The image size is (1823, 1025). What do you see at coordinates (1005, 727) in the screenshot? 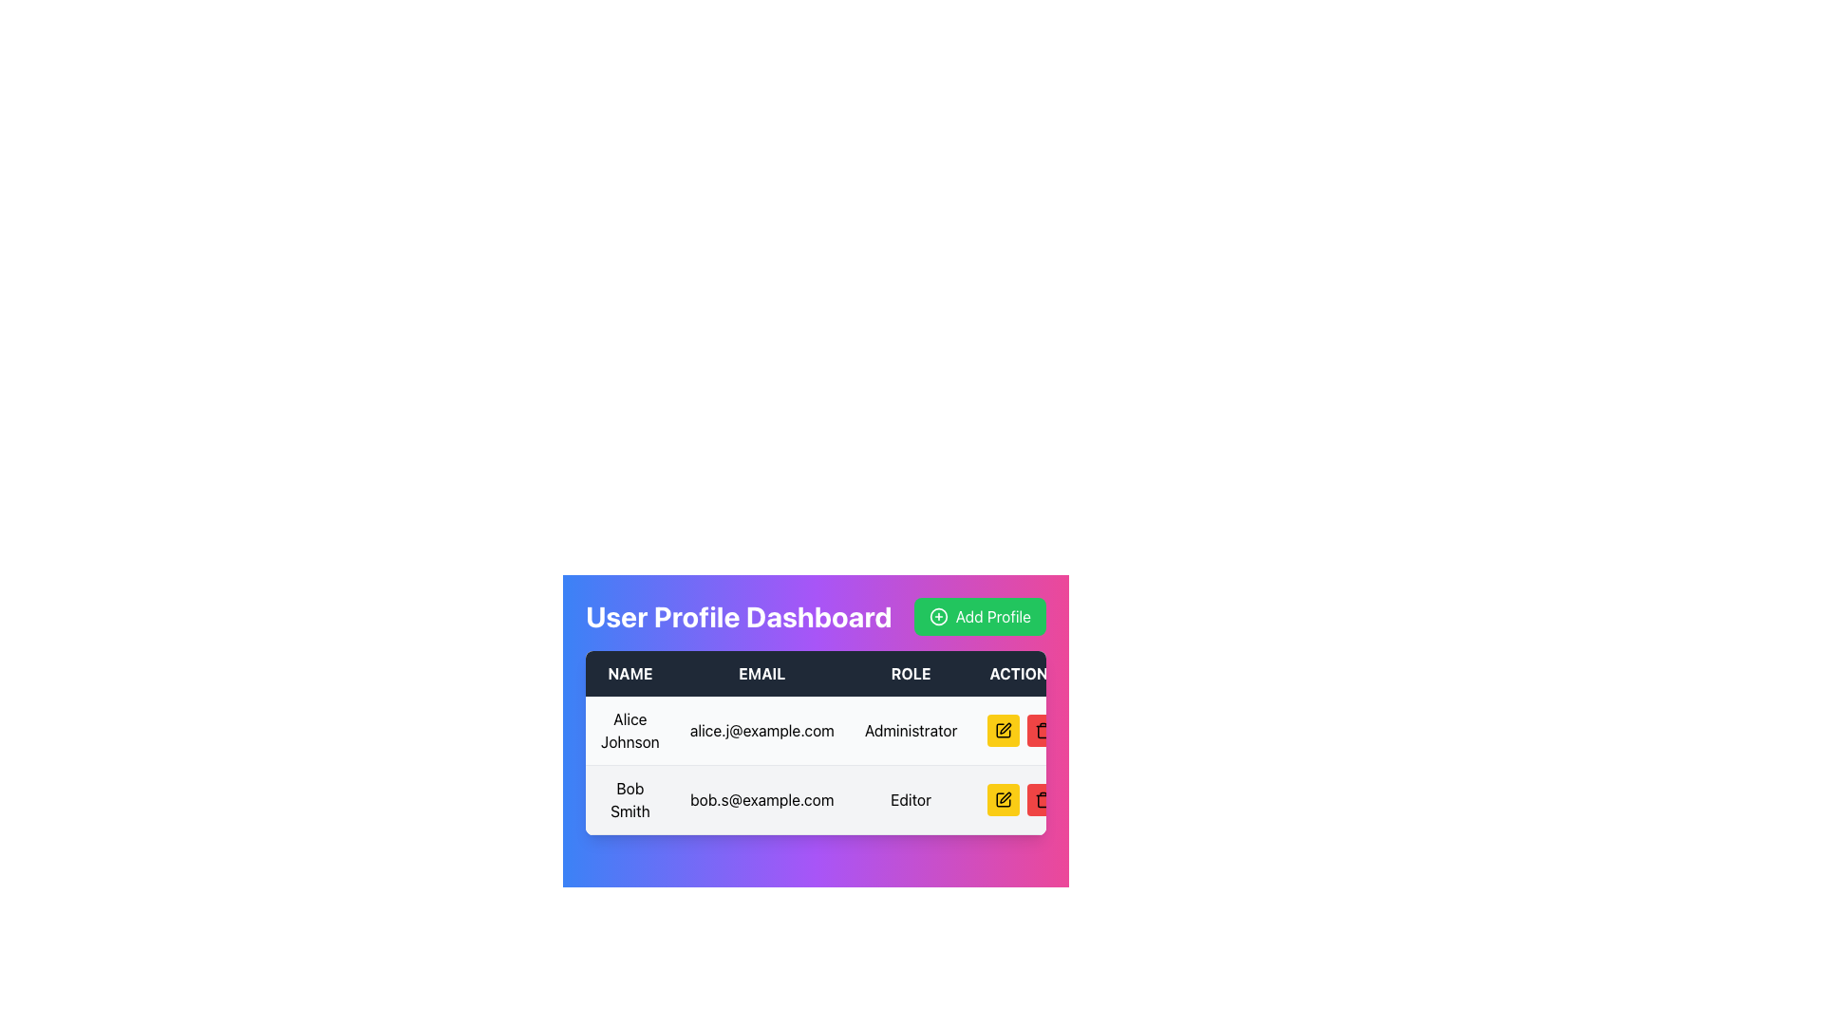
I see `the small yellow pencil icon in the action column of the user profile table for 'Bob Smith'` at bounding box center [1005, 727].